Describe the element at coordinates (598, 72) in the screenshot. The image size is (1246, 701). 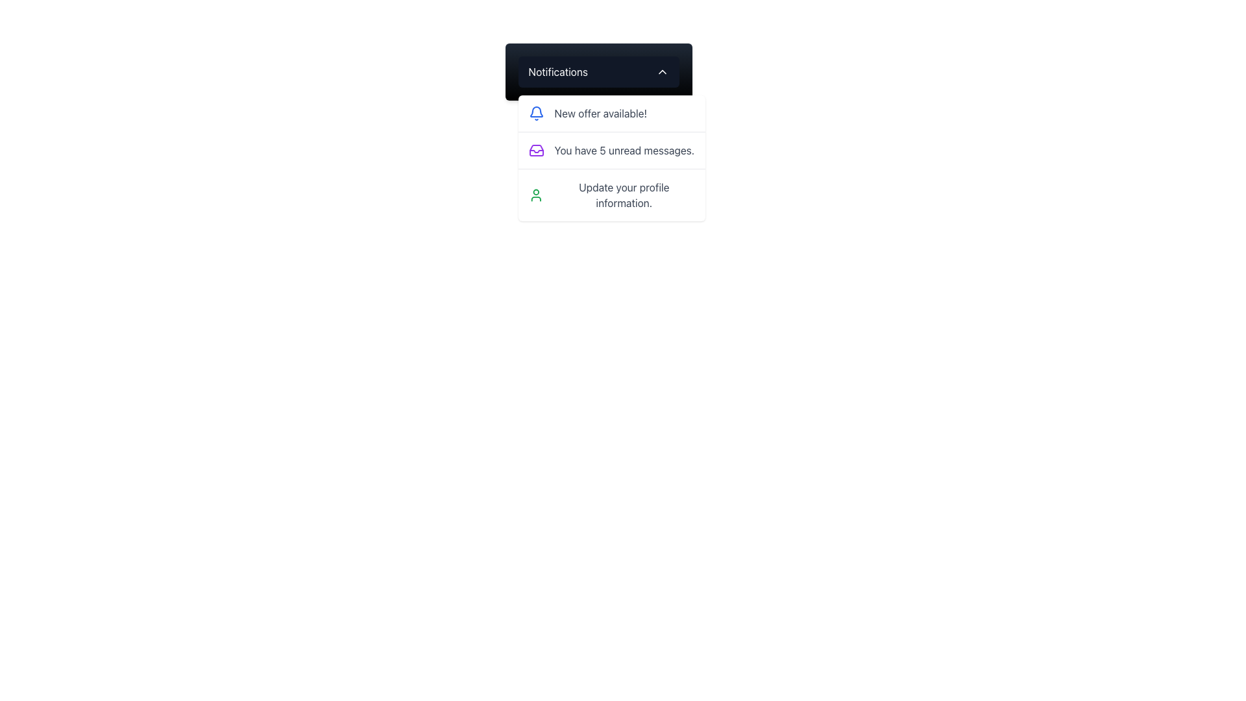
I see `the 'Notifications' button with a black background and rounded corners` at that location.